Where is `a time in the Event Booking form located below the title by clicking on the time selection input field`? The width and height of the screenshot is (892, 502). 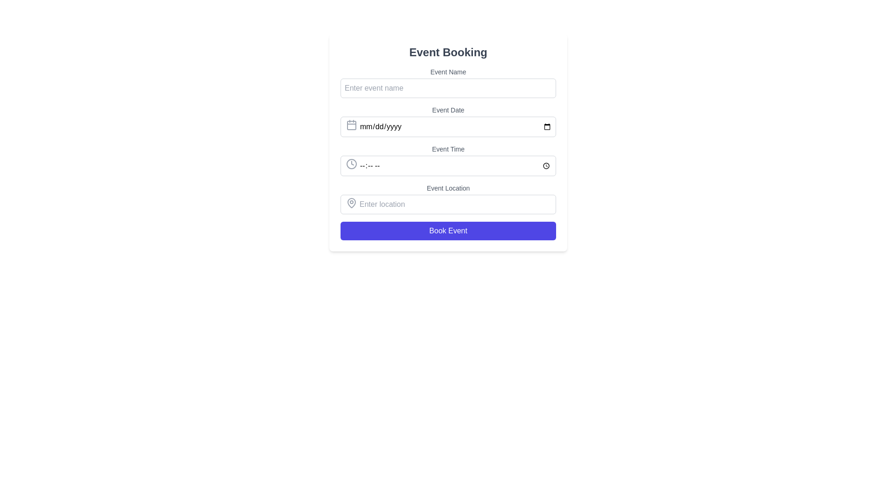 a time in the Event Booking form located below the title by clicking on the time selection input field is located at coordinates (448, 153).